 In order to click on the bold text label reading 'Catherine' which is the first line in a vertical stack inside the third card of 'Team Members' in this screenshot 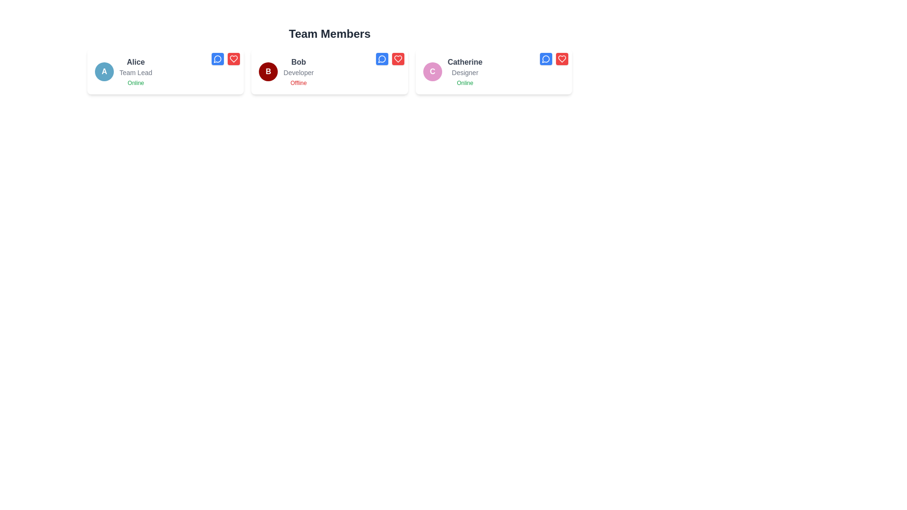, I will do `click(465, 62)`.